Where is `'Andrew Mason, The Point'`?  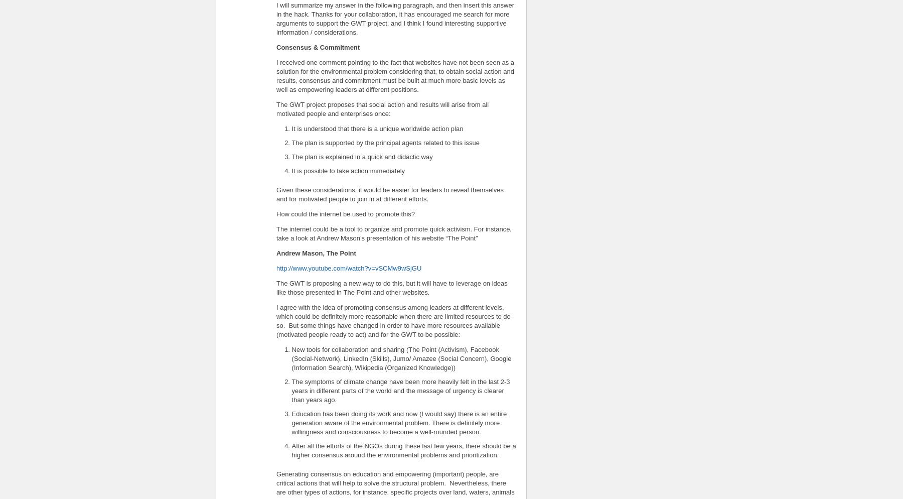 'Andrew Mason, The Point' is located at coordinates (316, 253).